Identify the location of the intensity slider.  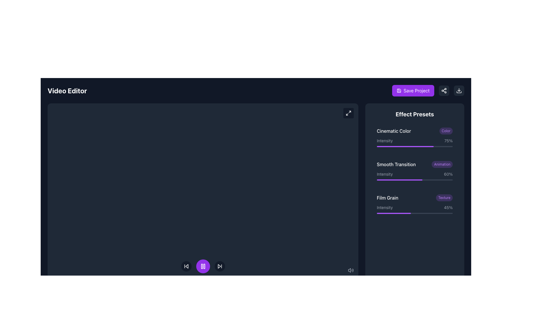
(406, 213).